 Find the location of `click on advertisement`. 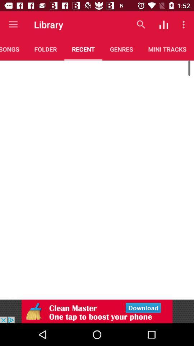

click on advertisement is located at coordinates (97, 311).